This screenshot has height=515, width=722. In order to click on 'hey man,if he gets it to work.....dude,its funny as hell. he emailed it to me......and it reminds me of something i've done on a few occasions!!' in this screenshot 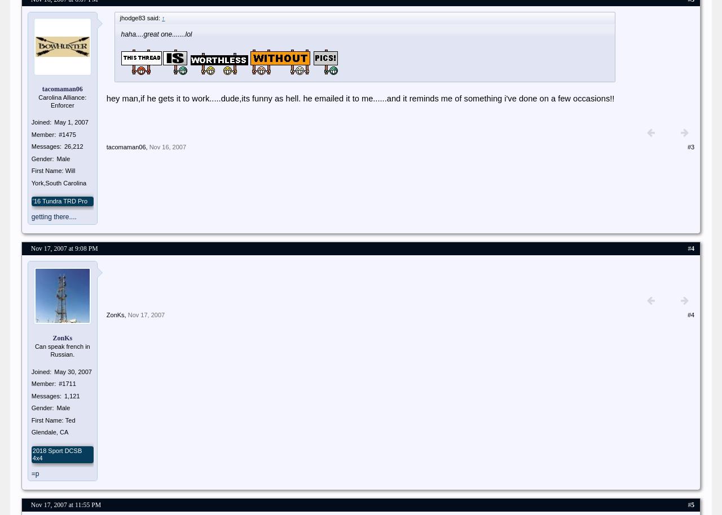, I will do `click(359, 97)`.